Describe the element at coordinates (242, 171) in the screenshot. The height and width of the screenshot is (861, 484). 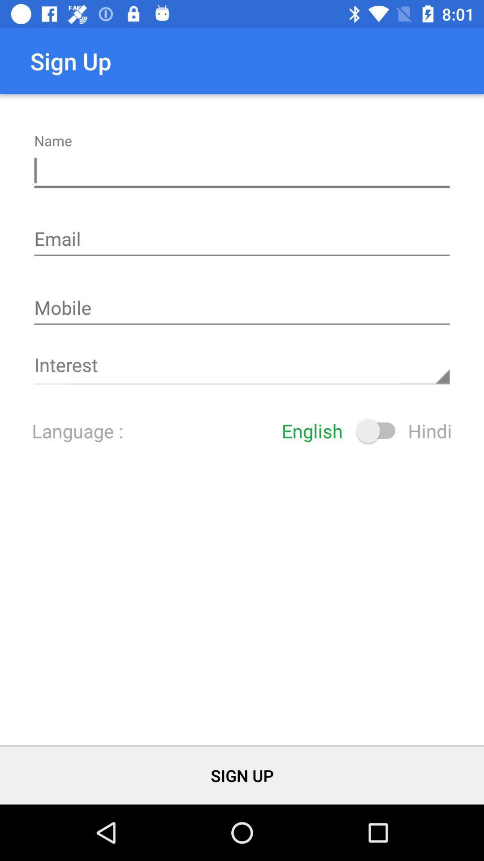
I see `name` at that location.